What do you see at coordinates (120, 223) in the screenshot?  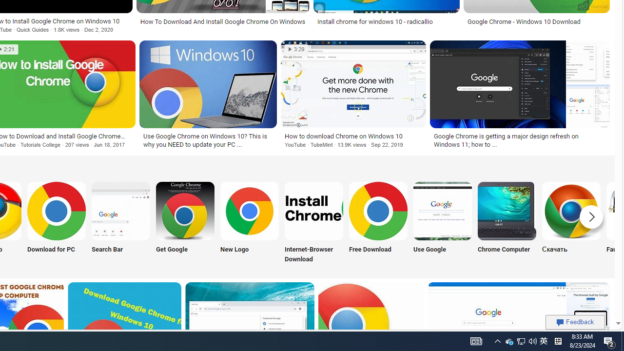 I see `'Search Bar'` at bounding box center [120, 223].